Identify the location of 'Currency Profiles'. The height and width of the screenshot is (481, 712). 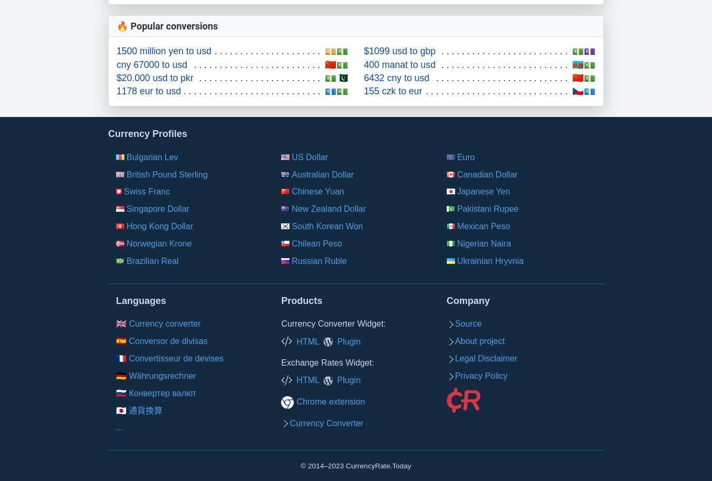
(147, 133).